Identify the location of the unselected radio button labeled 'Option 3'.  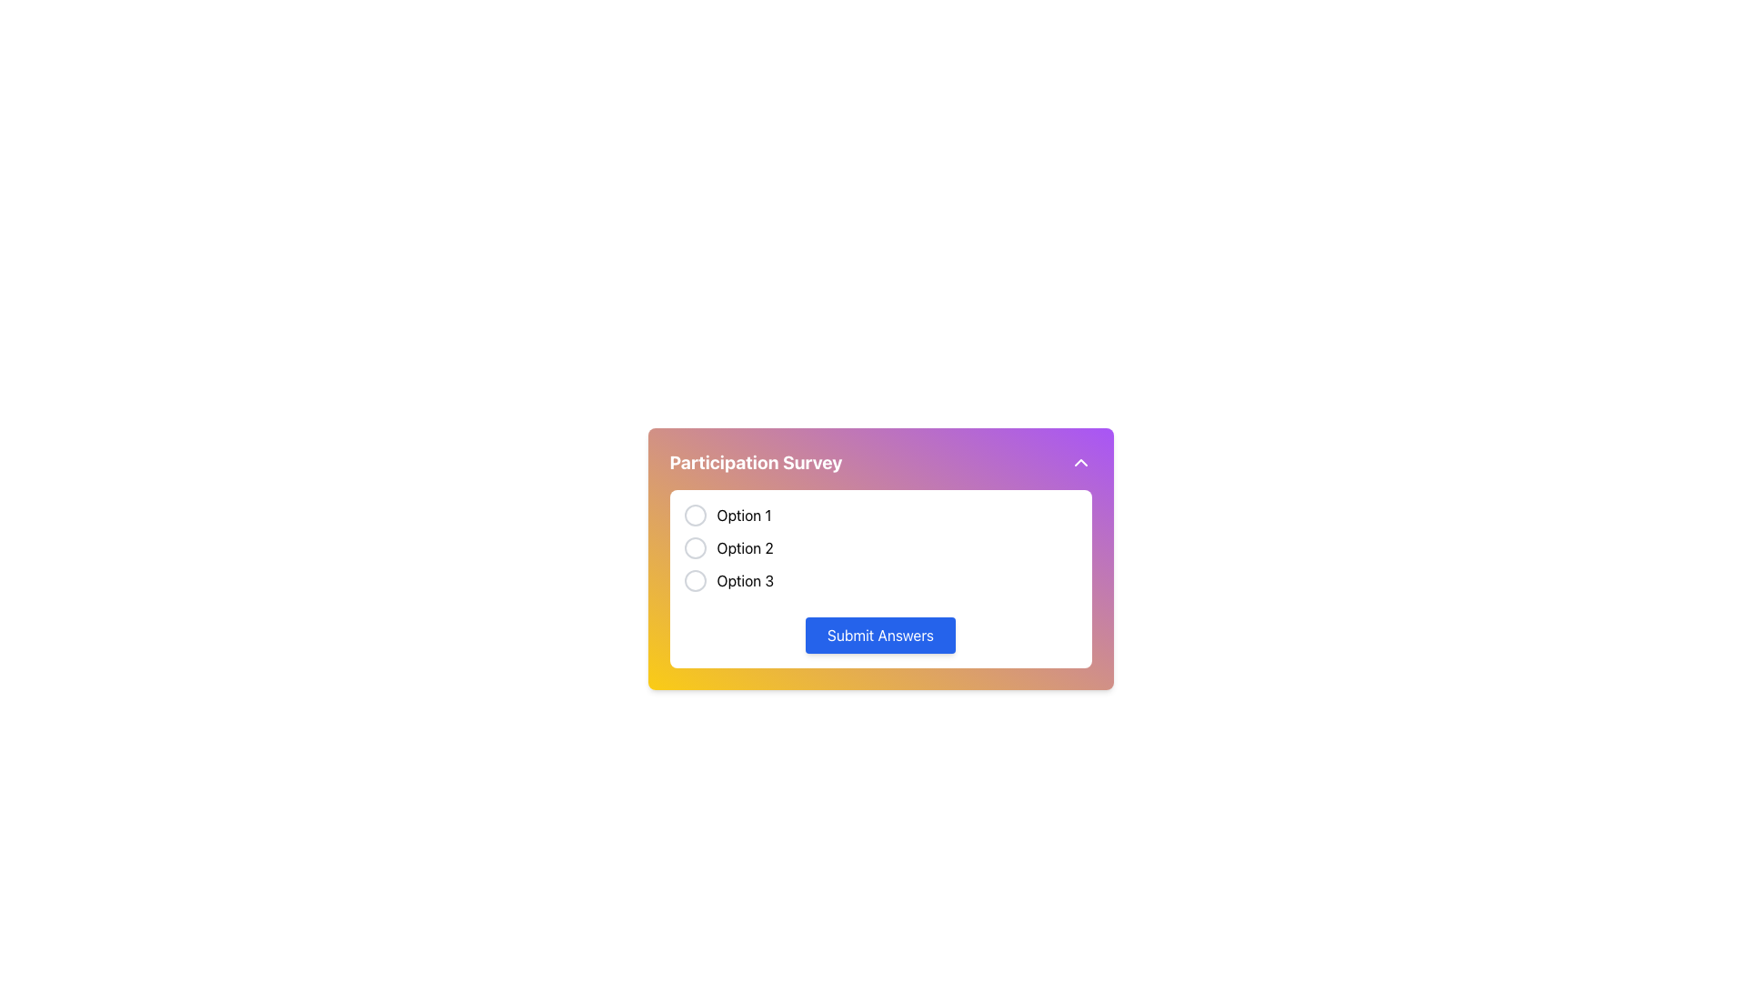
(880, 581).